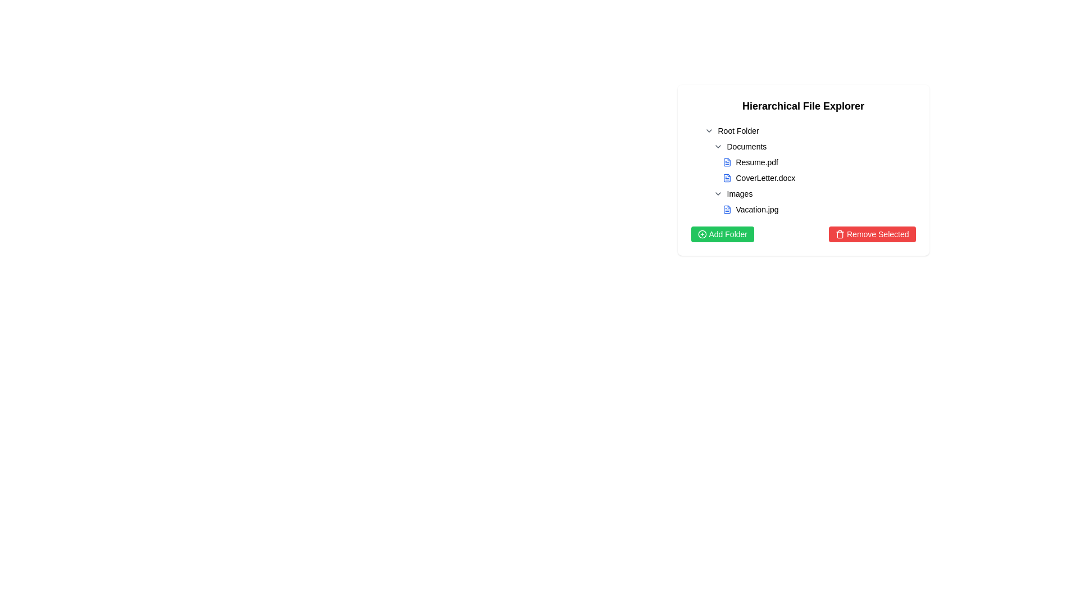 This screenshot has width=1079, height=607. I want to click on the 'Root Folder' text label in the file explorer, which identifies the root directory and is located to the right of a chevron-down icon, so click(738, 130).